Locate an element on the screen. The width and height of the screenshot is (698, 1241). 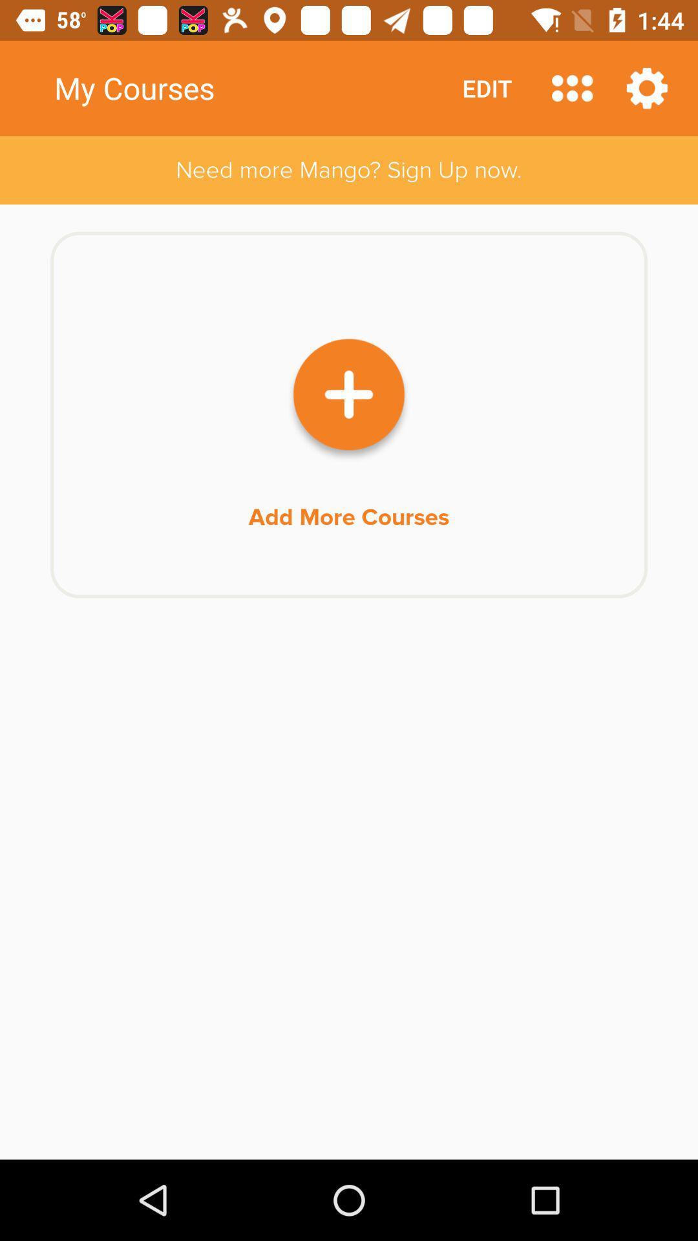
the item to the right of my courses is located at coordinates (571, 87).